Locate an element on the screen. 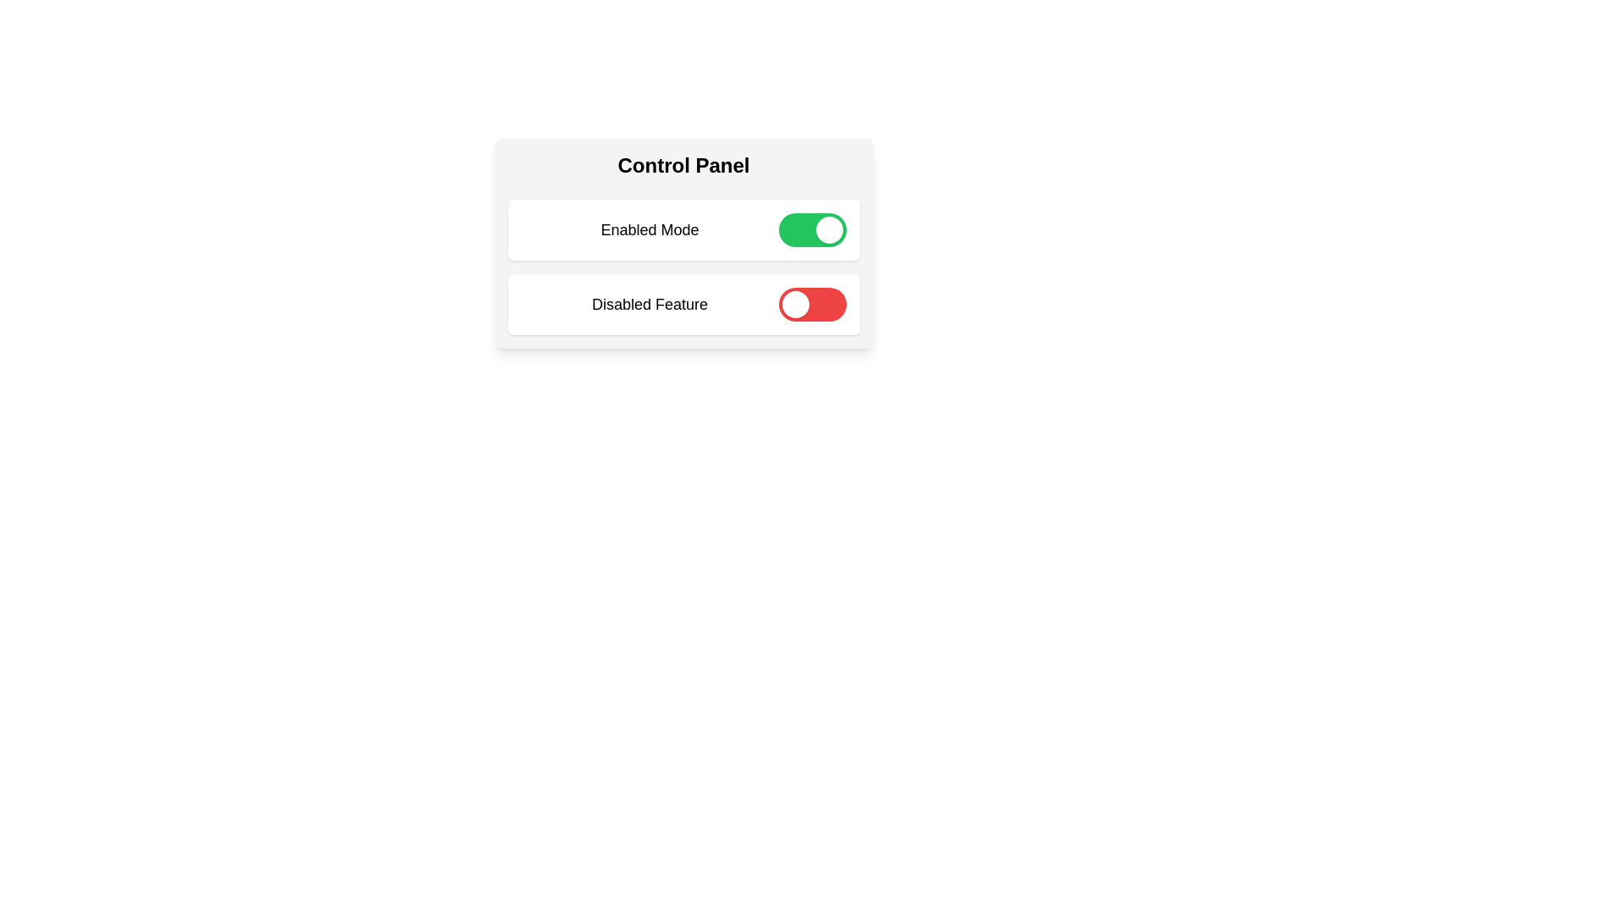 This screenshot has width=1624, height=914. the label Enabled Mode to focus or select it is located at coordinates (649, 230).